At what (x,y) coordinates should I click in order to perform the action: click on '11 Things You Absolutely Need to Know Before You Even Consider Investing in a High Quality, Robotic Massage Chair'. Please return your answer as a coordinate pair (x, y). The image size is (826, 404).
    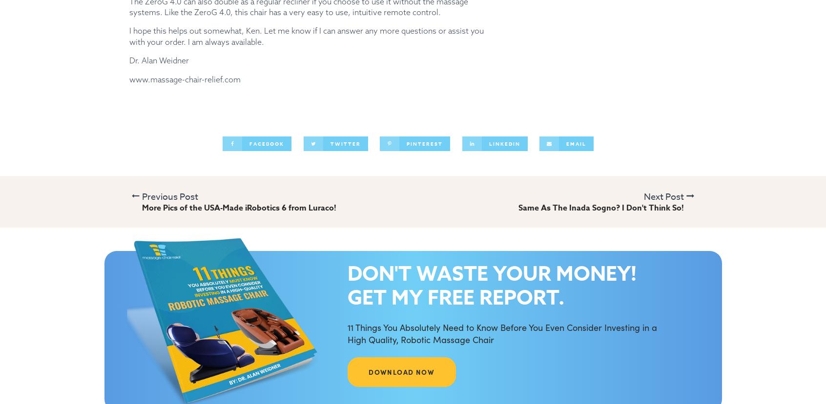
    Looking at the image, I should click on (501, 333).